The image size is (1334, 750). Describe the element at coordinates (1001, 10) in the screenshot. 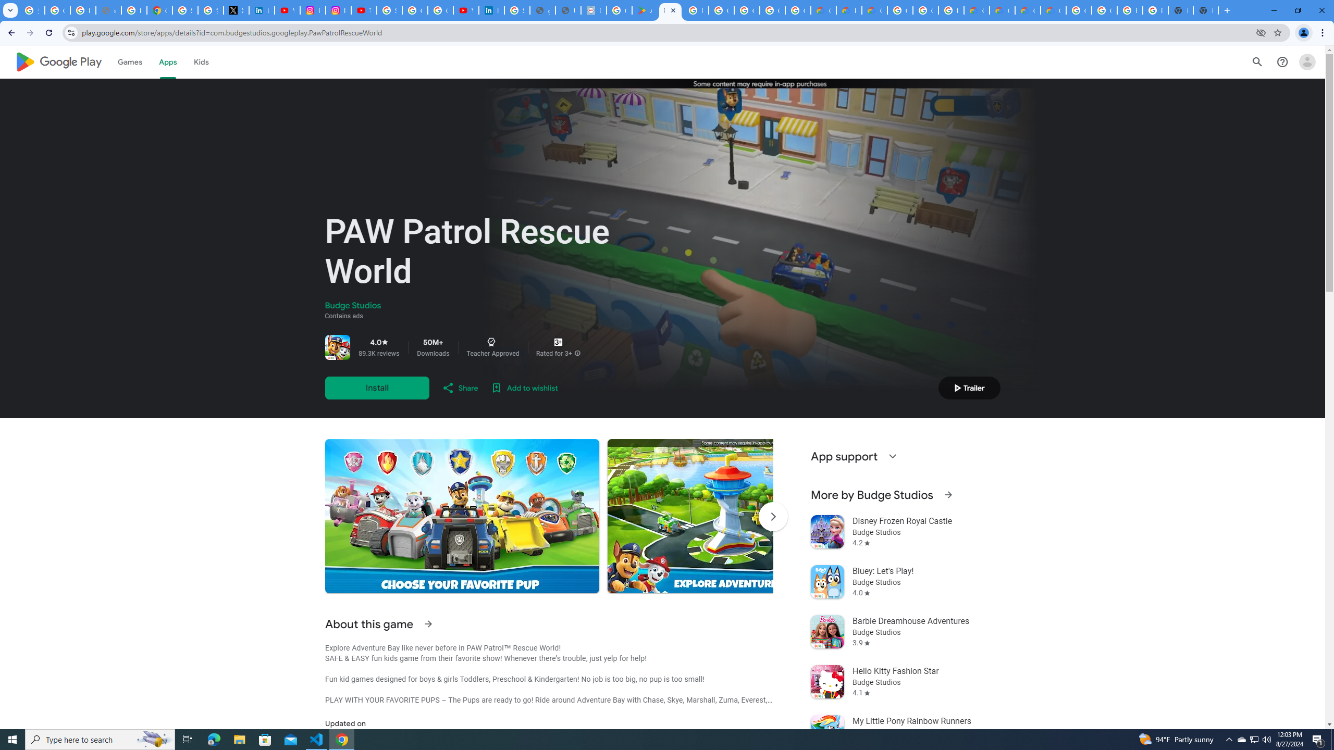

I see `'Google Cloud Pricing Calculator'` at that location.